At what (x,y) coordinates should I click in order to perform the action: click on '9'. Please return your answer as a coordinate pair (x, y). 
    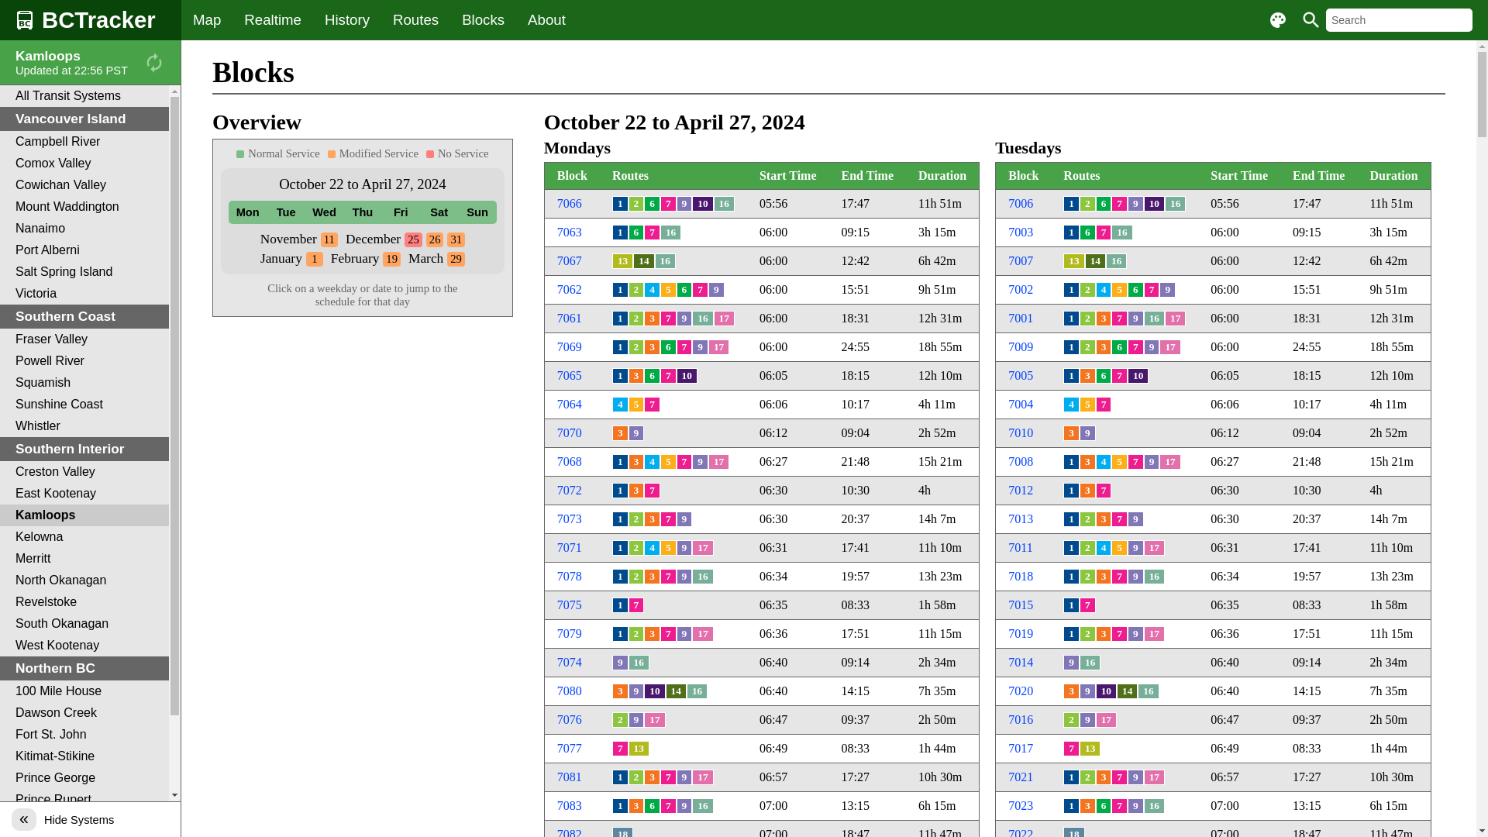
    Looking at the image, I should click on (684, 318).